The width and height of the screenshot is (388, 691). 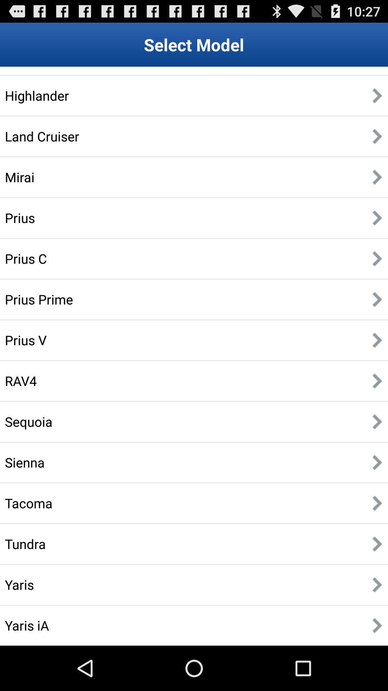 What do you see at coordinates (377, 177) in the screenshot?
I see `the icon right to mirai` at bounding box center [377, 177].